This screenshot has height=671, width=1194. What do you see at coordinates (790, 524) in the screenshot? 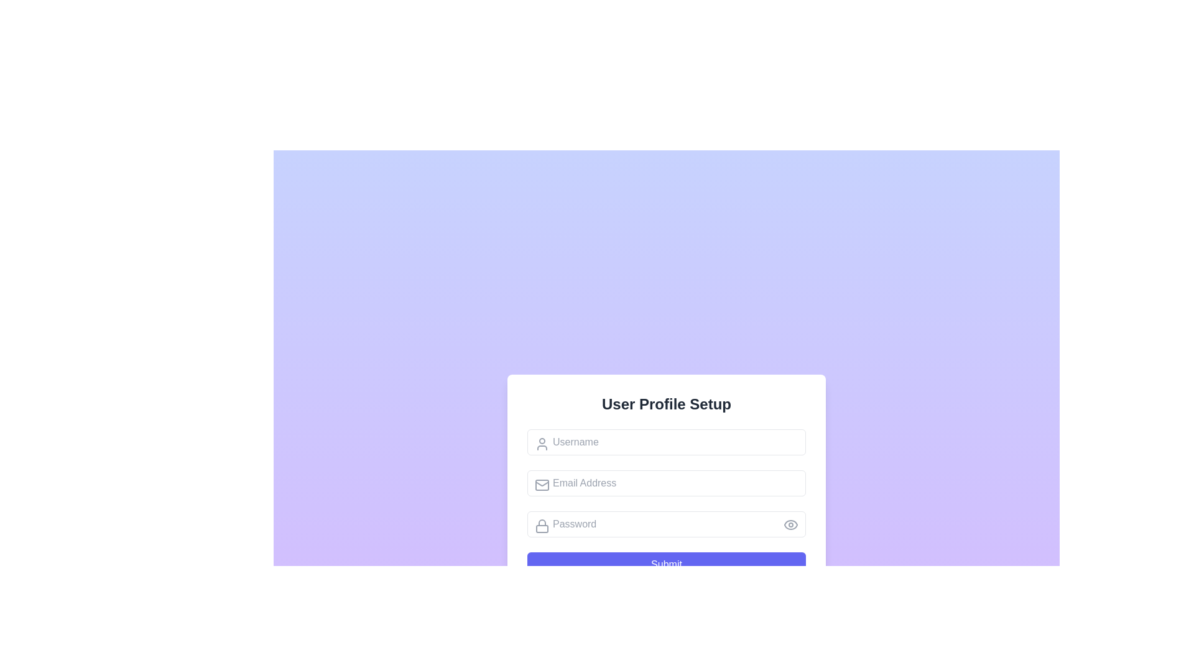
I see `the rightmost icon in the password input field` at bounding box center [790, 524].